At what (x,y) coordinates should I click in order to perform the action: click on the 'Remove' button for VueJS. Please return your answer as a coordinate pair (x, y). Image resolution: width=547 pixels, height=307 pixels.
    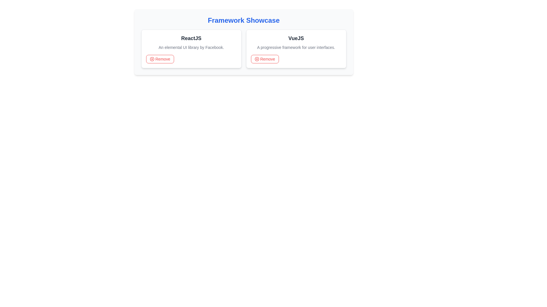
    Looking at the image, I should click on (264, 59).